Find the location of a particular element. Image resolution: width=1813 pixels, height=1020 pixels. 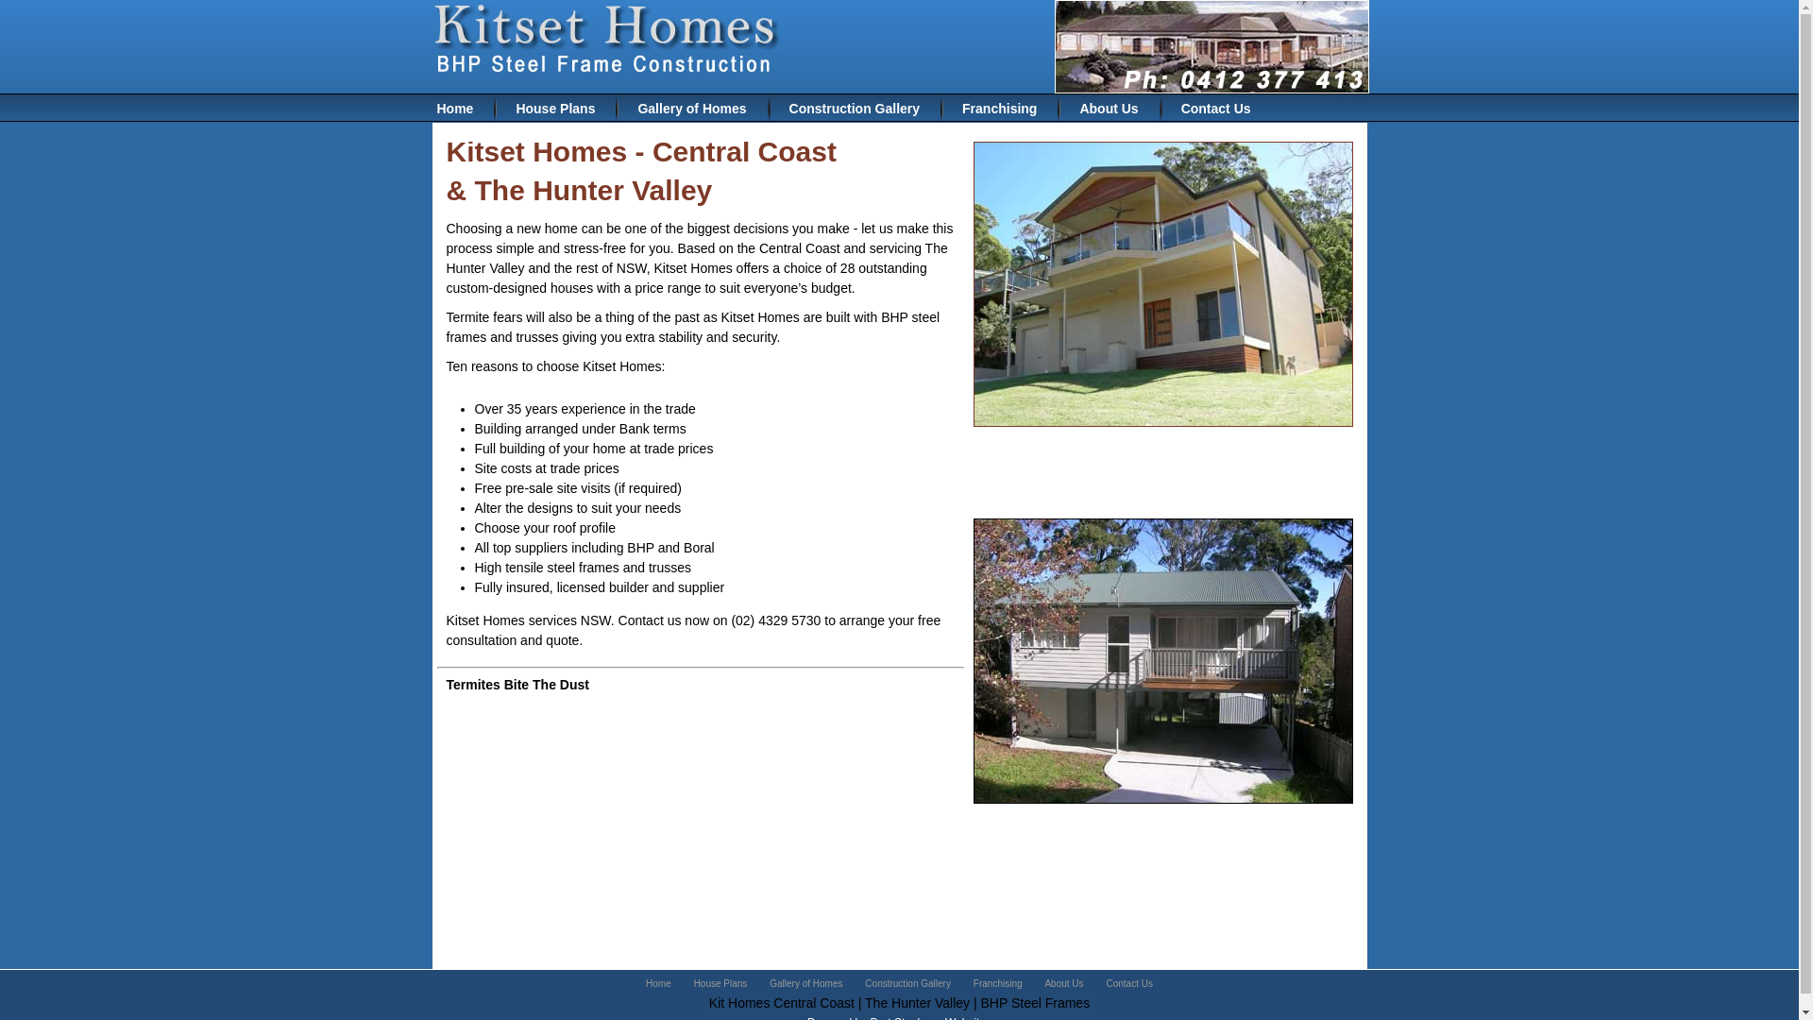

'Gallery of Homes' is located at coordinates (805, 982).